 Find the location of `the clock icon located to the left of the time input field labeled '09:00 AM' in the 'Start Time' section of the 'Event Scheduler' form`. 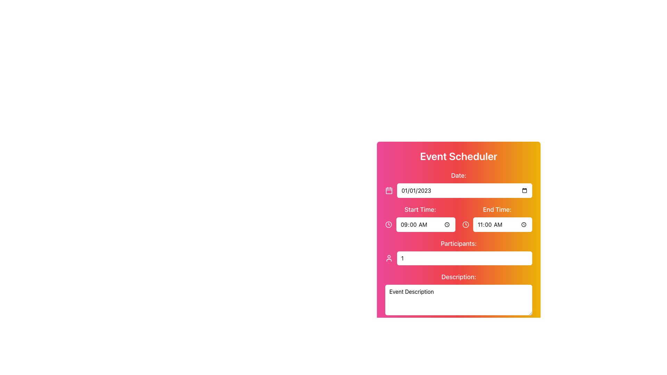

the clock icon located to the left of the time input field labeled '09:00 AM' in the 'Start Time' section of the 'Event Scheduler' form is located at coordinates (388, 225).